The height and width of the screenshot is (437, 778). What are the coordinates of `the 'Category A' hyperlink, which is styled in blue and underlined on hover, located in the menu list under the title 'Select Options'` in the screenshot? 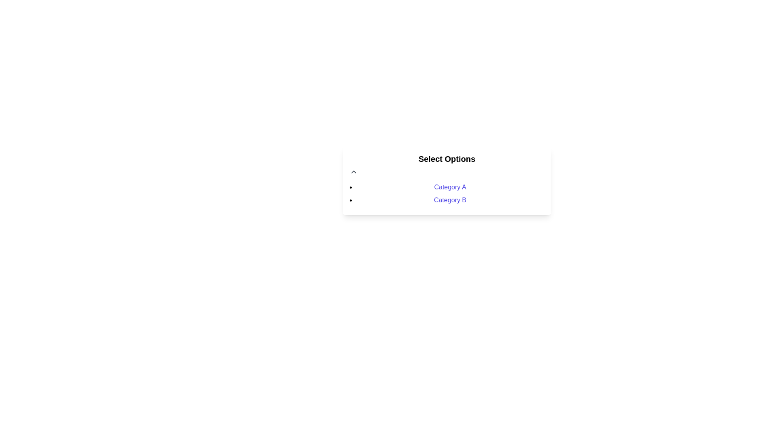 It's located at (449, 187).